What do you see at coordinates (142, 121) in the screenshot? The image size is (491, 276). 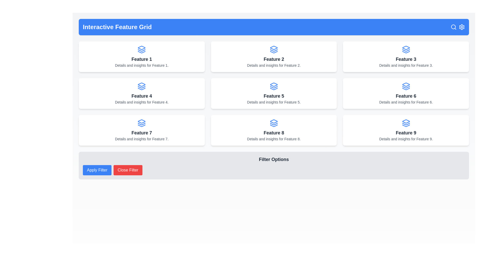 I see `the stack icon representing 'Feature 7' located` at bounding box center [142, 121].